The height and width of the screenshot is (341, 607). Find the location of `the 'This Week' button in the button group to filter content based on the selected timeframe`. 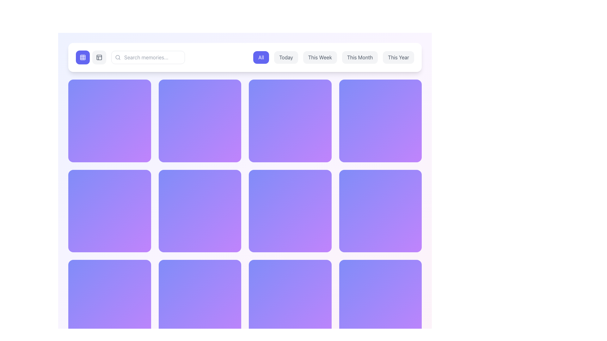

the 'This Week' button in the button group to filter content based on the selected timeframe is located at coordinates (333, 57).